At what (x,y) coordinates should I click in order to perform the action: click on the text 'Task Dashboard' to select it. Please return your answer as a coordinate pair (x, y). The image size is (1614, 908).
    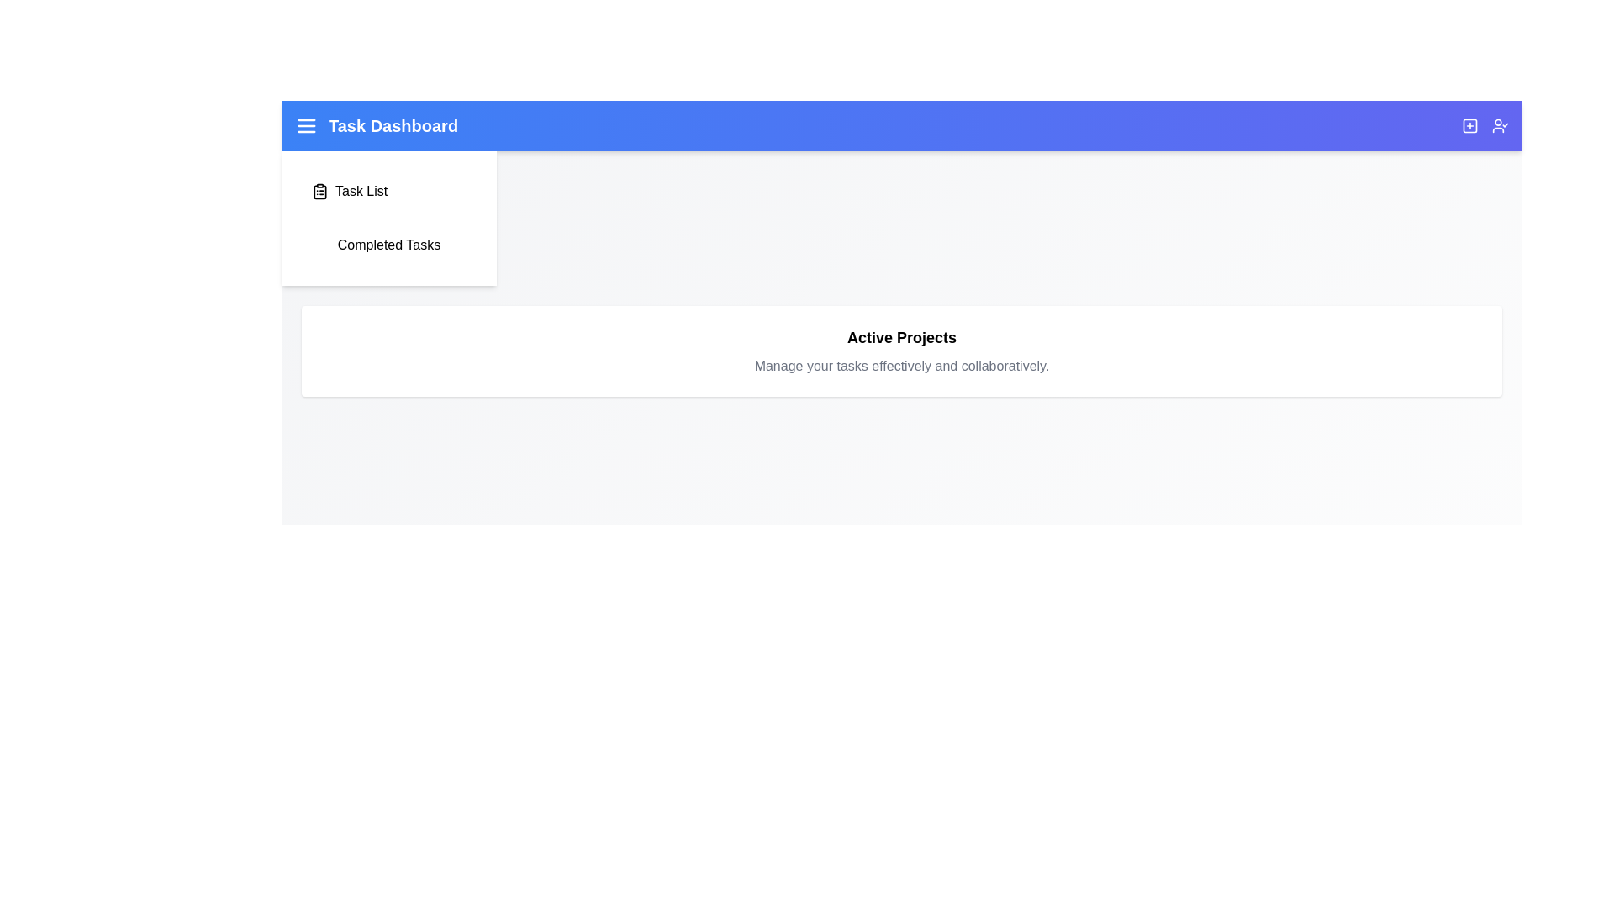
    Looking at the image, I should click on (375, 125).